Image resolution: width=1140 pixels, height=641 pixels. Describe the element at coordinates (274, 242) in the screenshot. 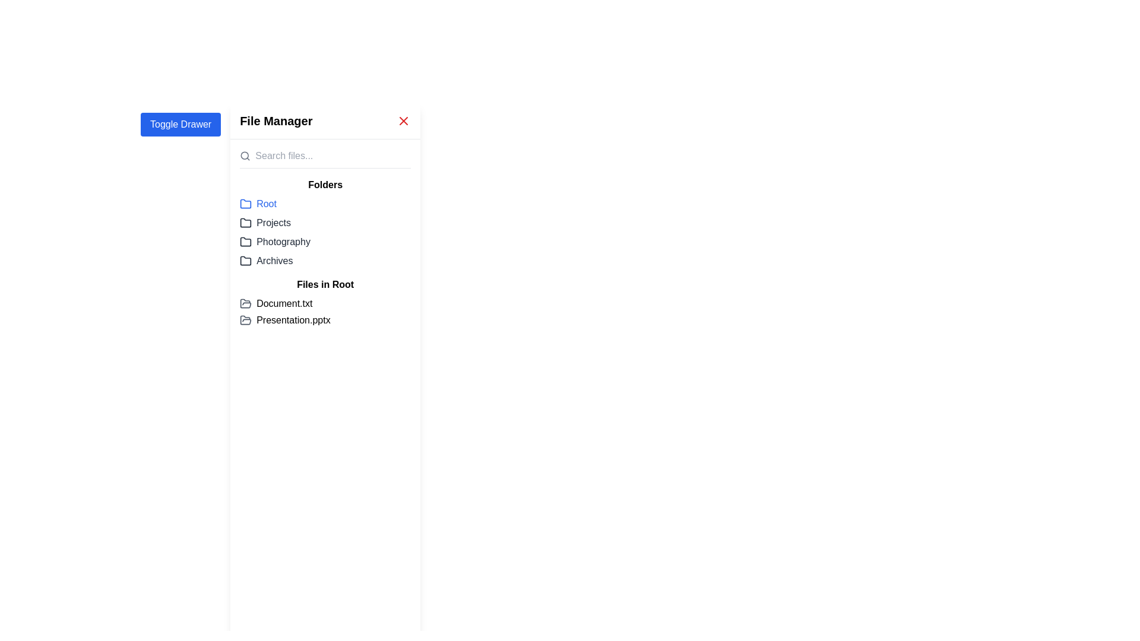

I see `the clickable text labeled 'Photography' located as the third item in the vertical list under the 'Folders' section in the left panel of the 'File Manager' UI` at that location.